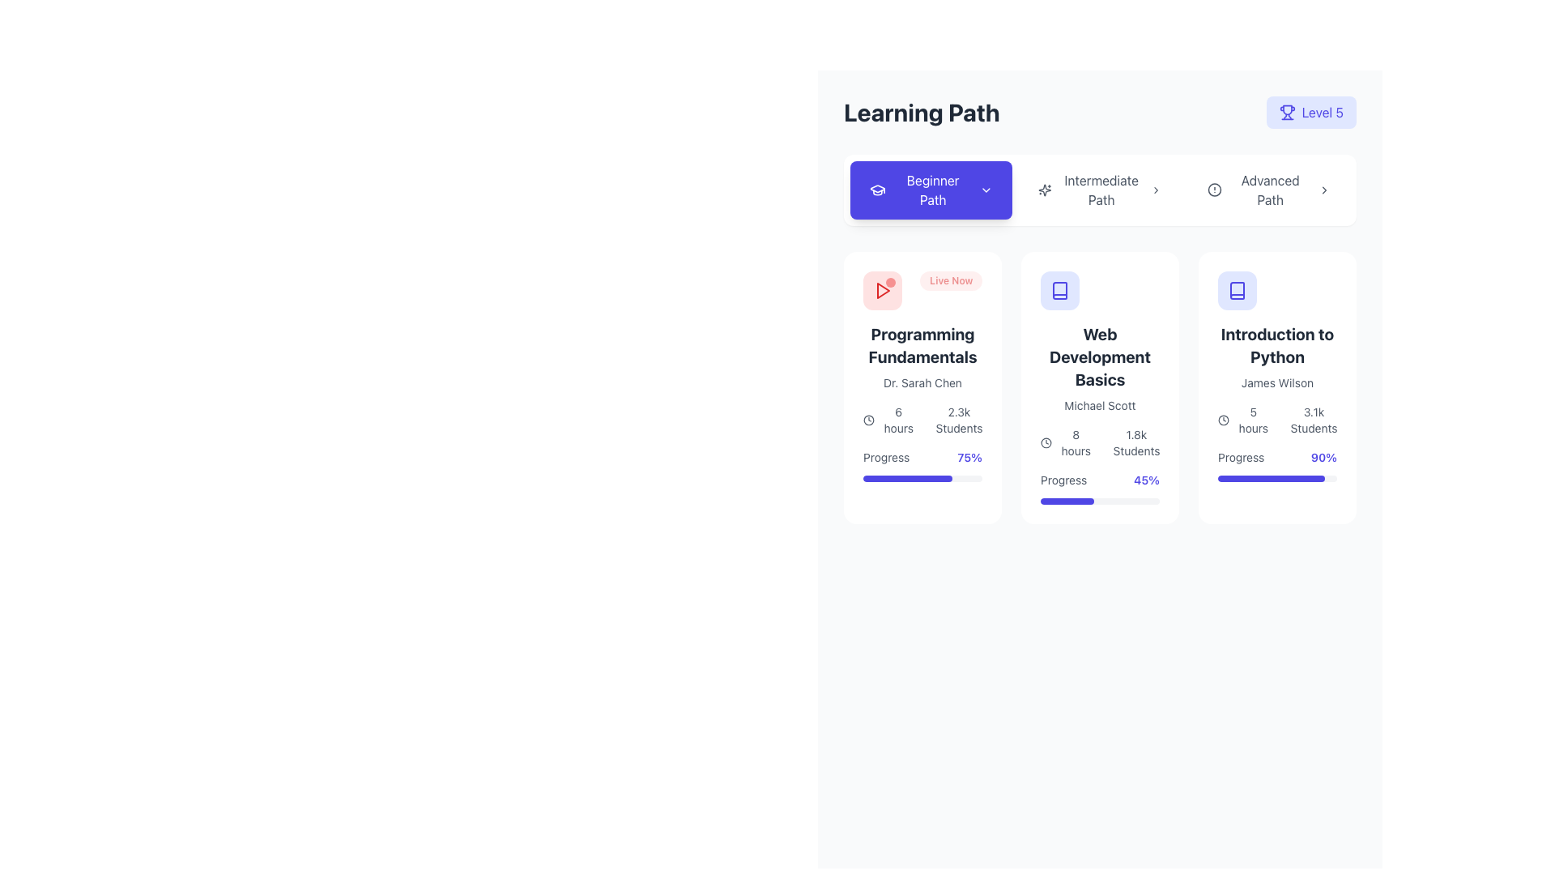  What do you see at coordinates (1063, 480) in the screenshot?
I see `text label displaying 'Progress' located beneath the course details section in the 'Web Development Basics' card` at bounding box center [1063, 480].